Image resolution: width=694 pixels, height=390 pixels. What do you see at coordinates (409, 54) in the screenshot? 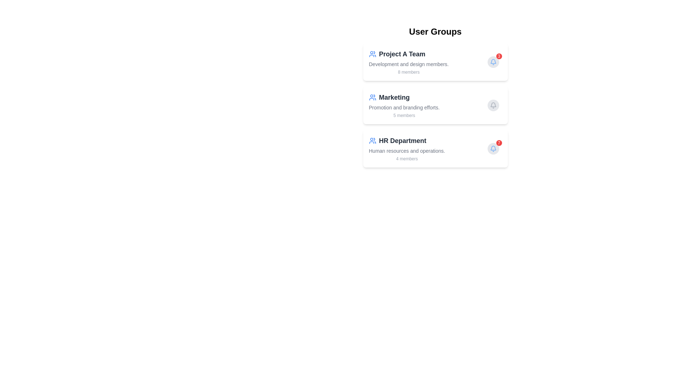
I see `the header of the group Project A Team` at bounding box center [409, 54].